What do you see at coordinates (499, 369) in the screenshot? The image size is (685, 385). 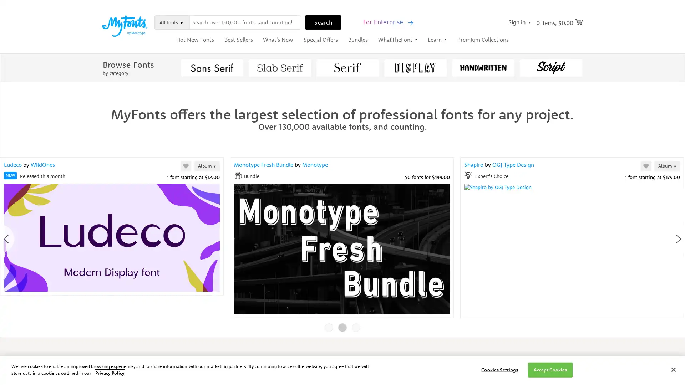 I see `Cookies Settings` at bounding box center [499, 369].